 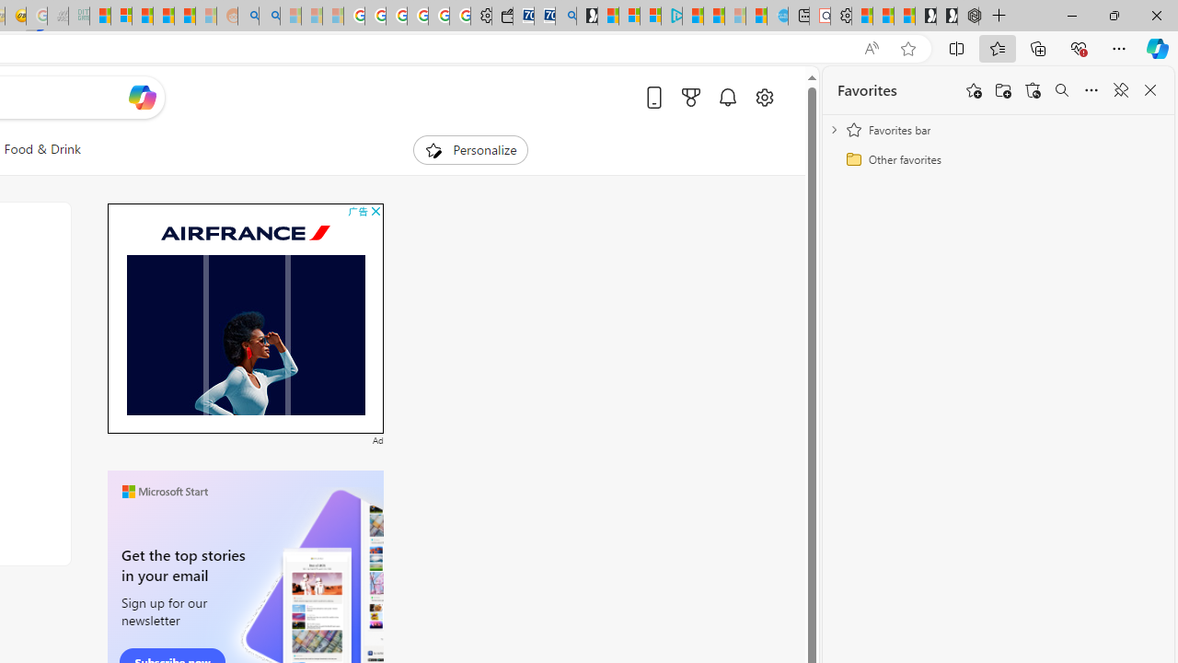 I want to click on 'Close favorites', so click(x=1149, y=90).